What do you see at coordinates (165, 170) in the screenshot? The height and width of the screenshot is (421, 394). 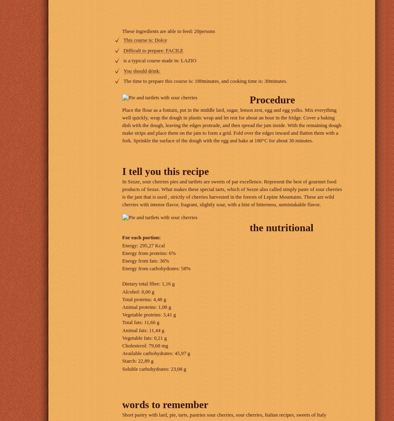 I see `'I tell you this recipe'` at bounding box center [165, 170].